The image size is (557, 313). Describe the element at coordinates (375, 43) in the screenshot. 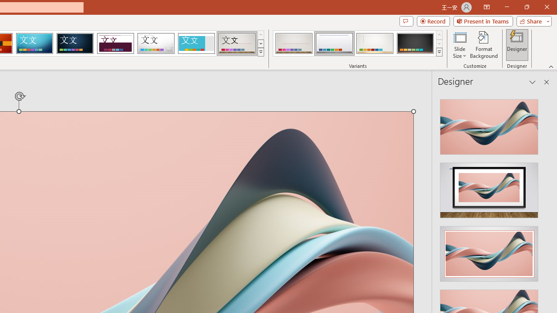

I see `'Gallery Variant 3'` at that location.